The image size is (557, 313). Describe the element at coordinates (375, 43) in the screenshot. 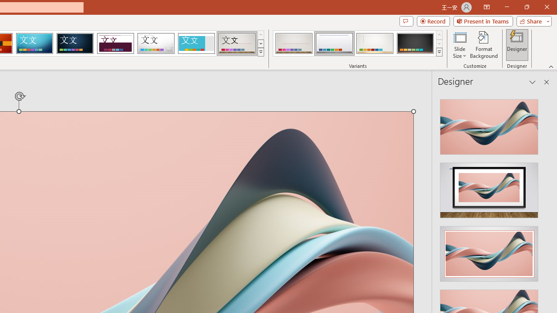

I see `'Gallery Variant 3'` at that location.